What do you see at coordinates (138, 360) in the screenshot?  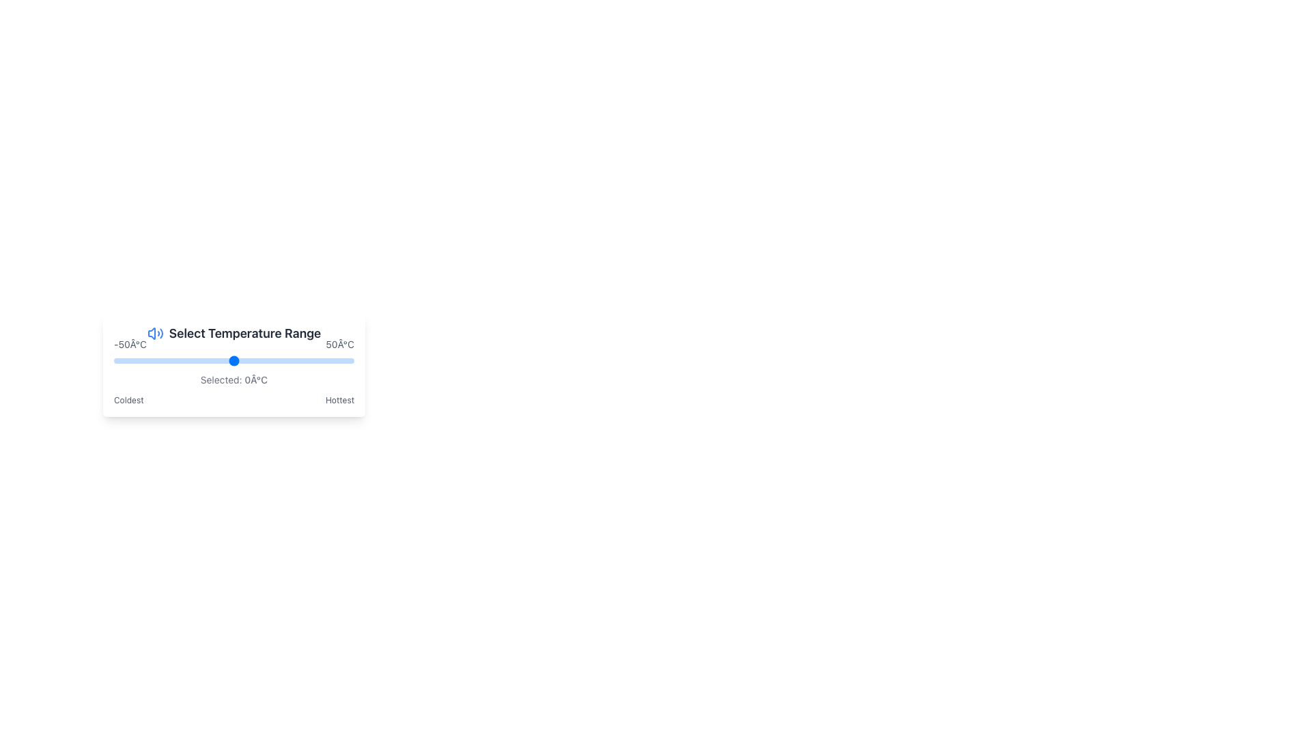 I see `the temperature slider` at bounding box center [138, 360].